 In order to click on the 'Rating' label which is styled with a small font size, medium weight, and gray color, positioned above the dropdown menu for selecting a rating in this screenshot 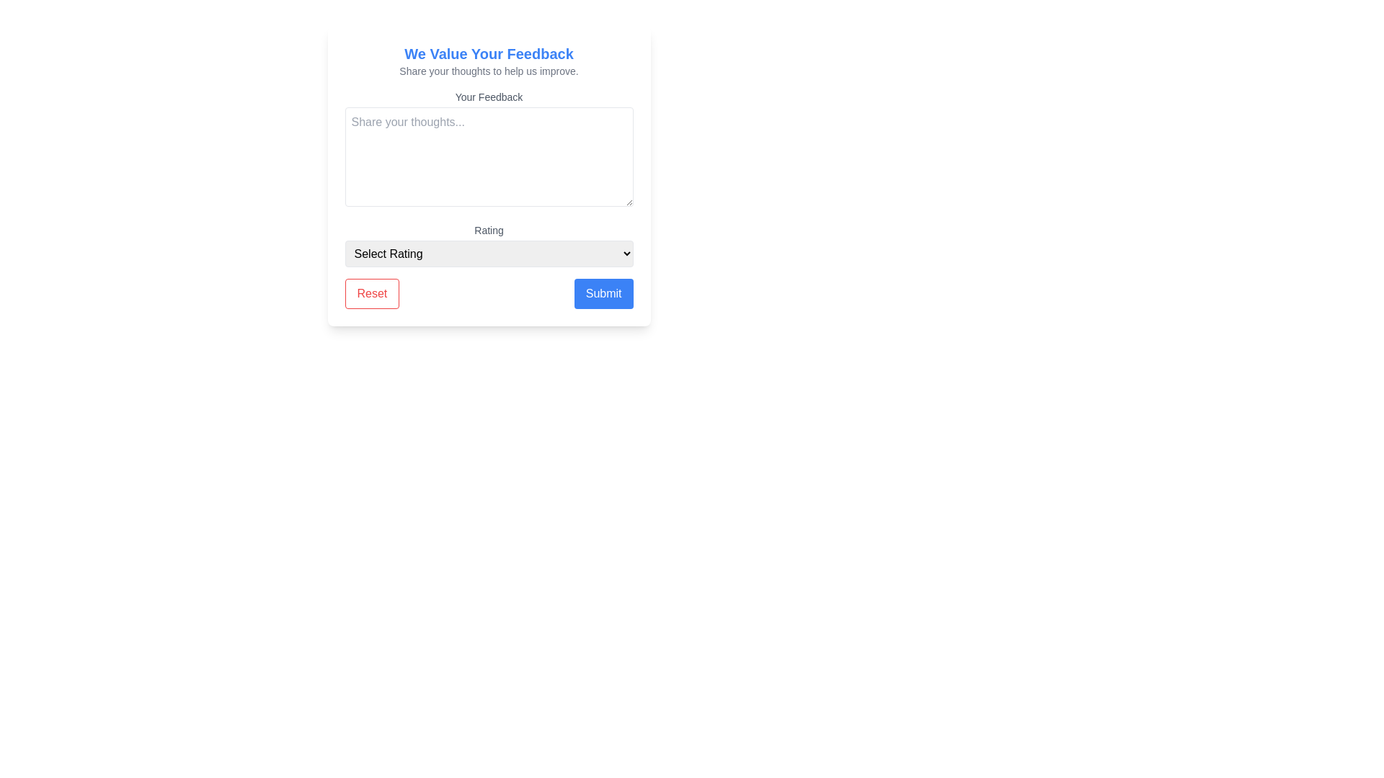, I will do `click(489, 230)`.